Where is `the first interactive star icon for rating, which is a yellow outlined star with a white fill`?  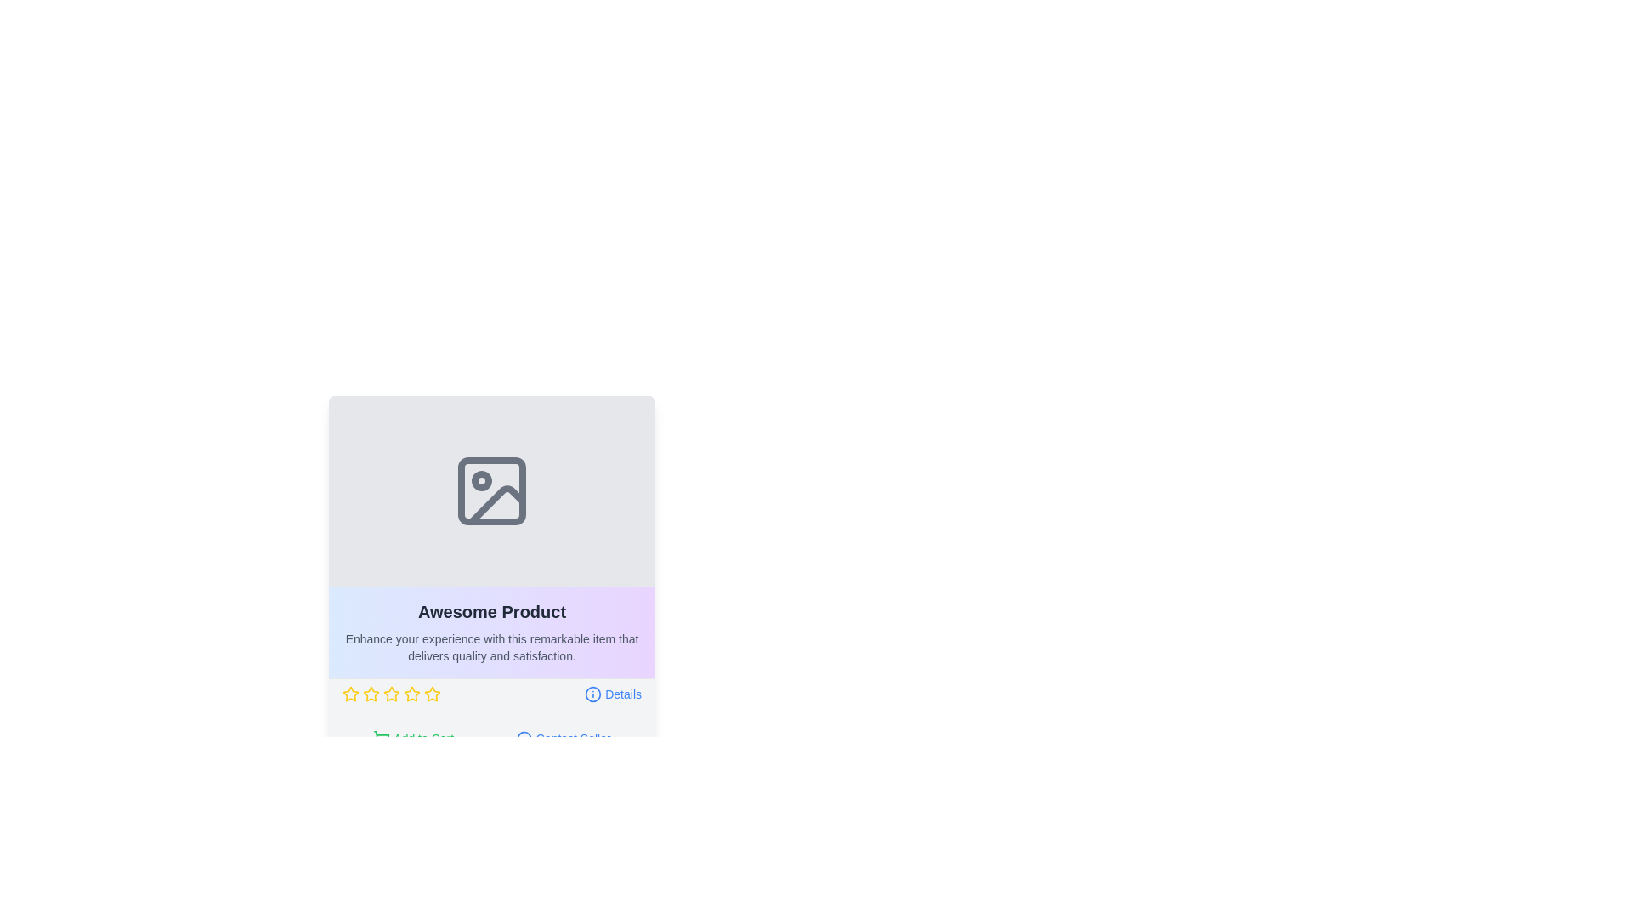
the first interactive star icon for rating, which is a yellow outlined star with a white fill is located at coordinates (349, 694).